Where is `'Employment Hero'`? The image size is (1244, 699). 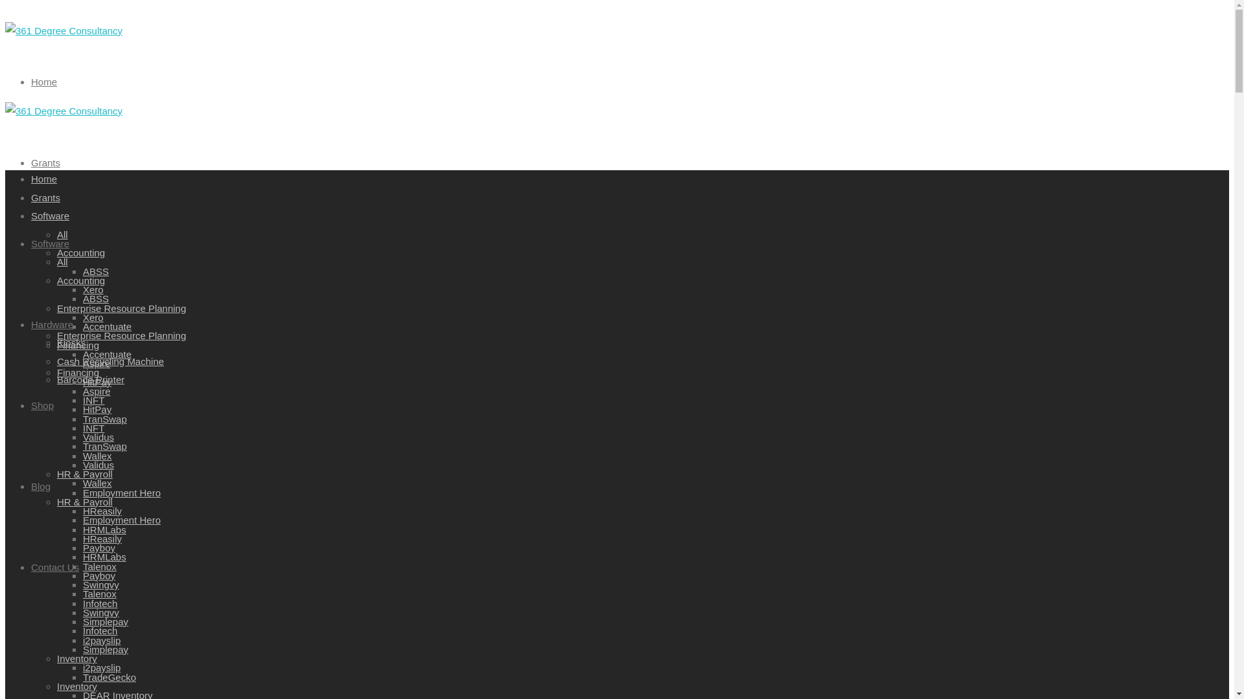 'Employment Hero' is located at coordinates (121, 492).